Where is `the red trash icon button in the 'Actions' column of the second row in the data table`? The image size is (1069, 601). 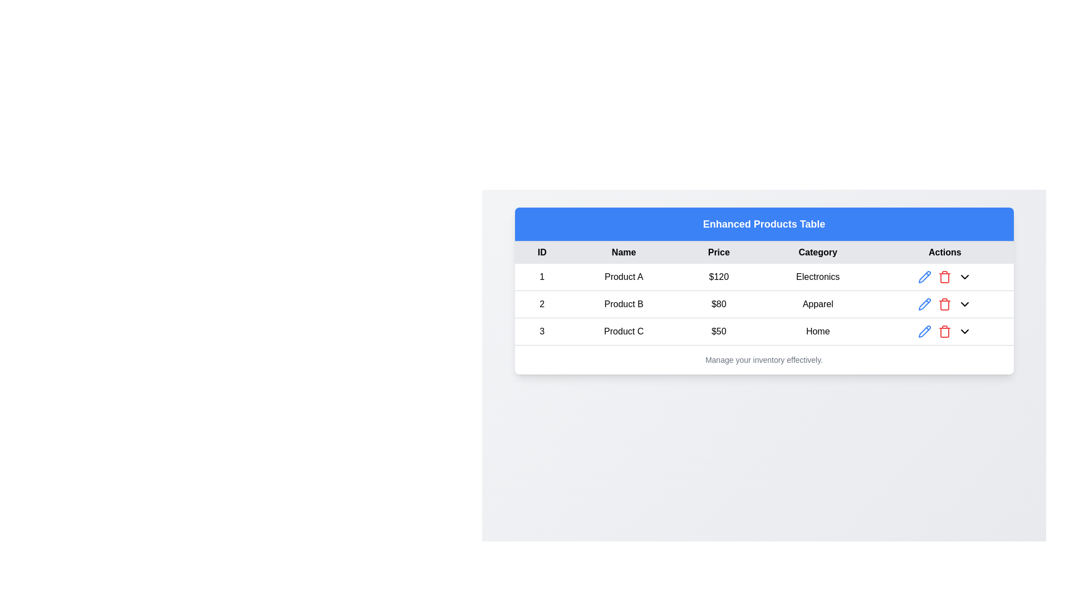 the red trash icon button in the 'Actions' column of the second row in the data table is located at coordinates (944, 304).